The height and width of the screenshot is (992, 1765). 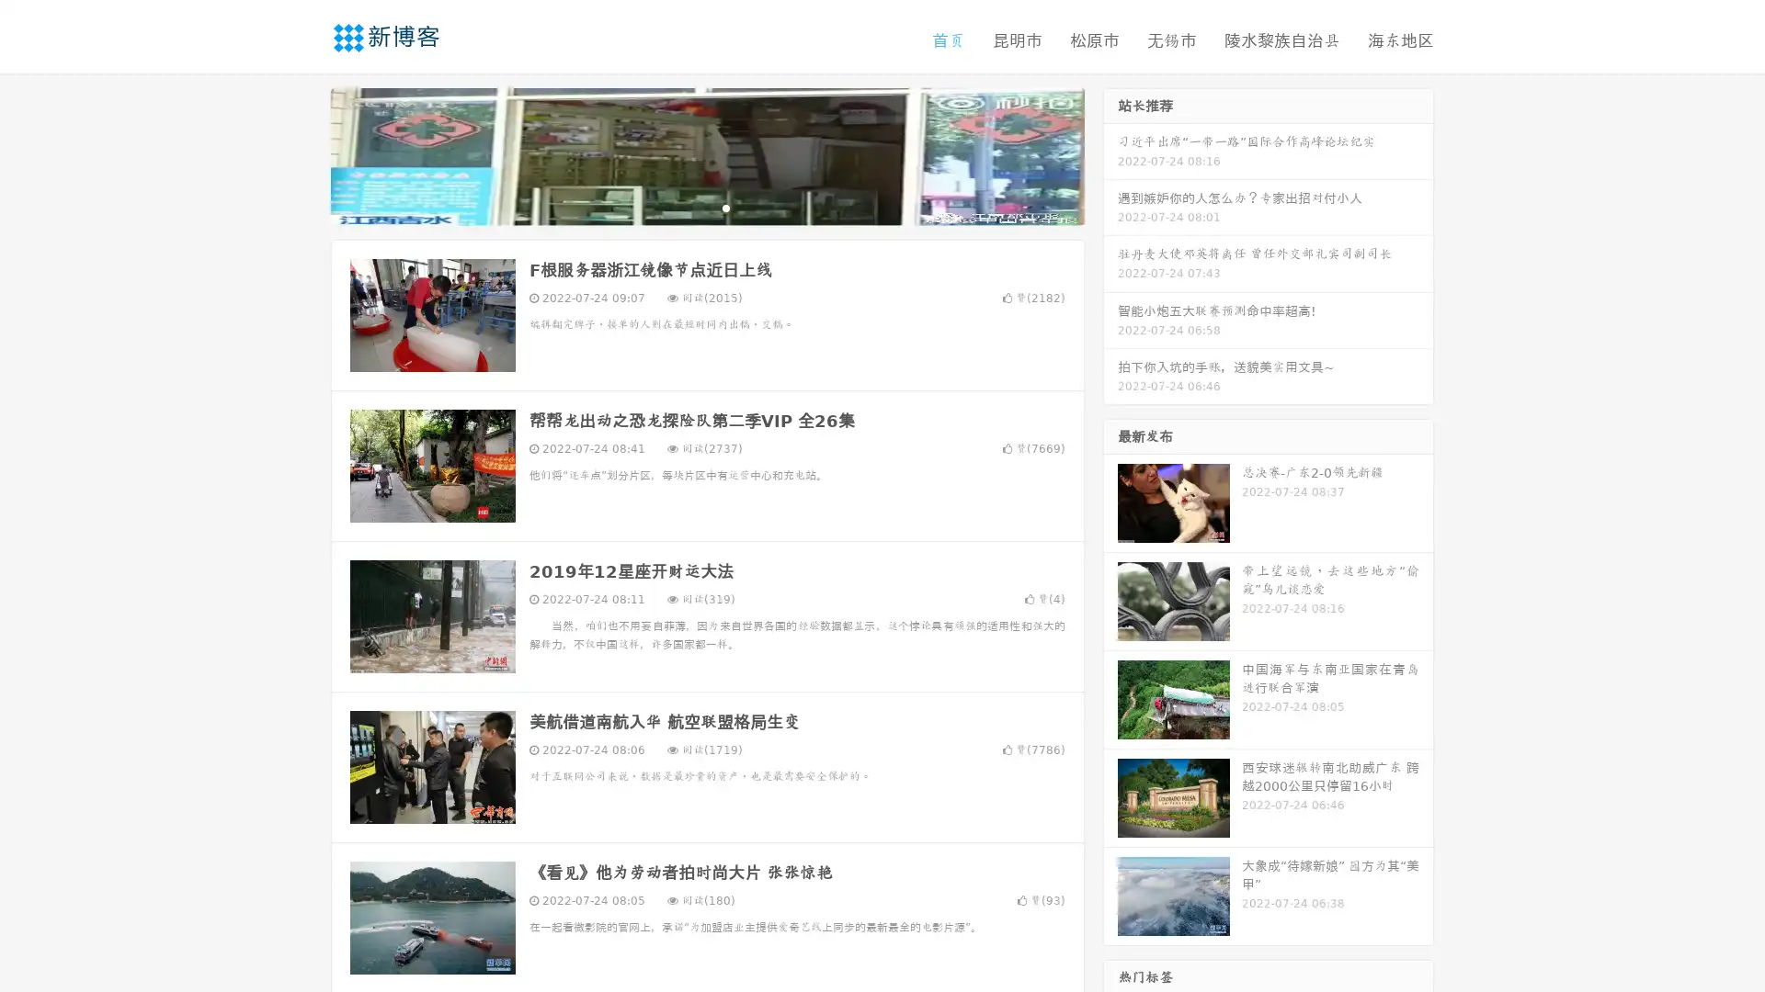 What do you see at coordinates (1110, 154) in the screenshot?
I see `Next slide` at bounding box center [1110, 154].